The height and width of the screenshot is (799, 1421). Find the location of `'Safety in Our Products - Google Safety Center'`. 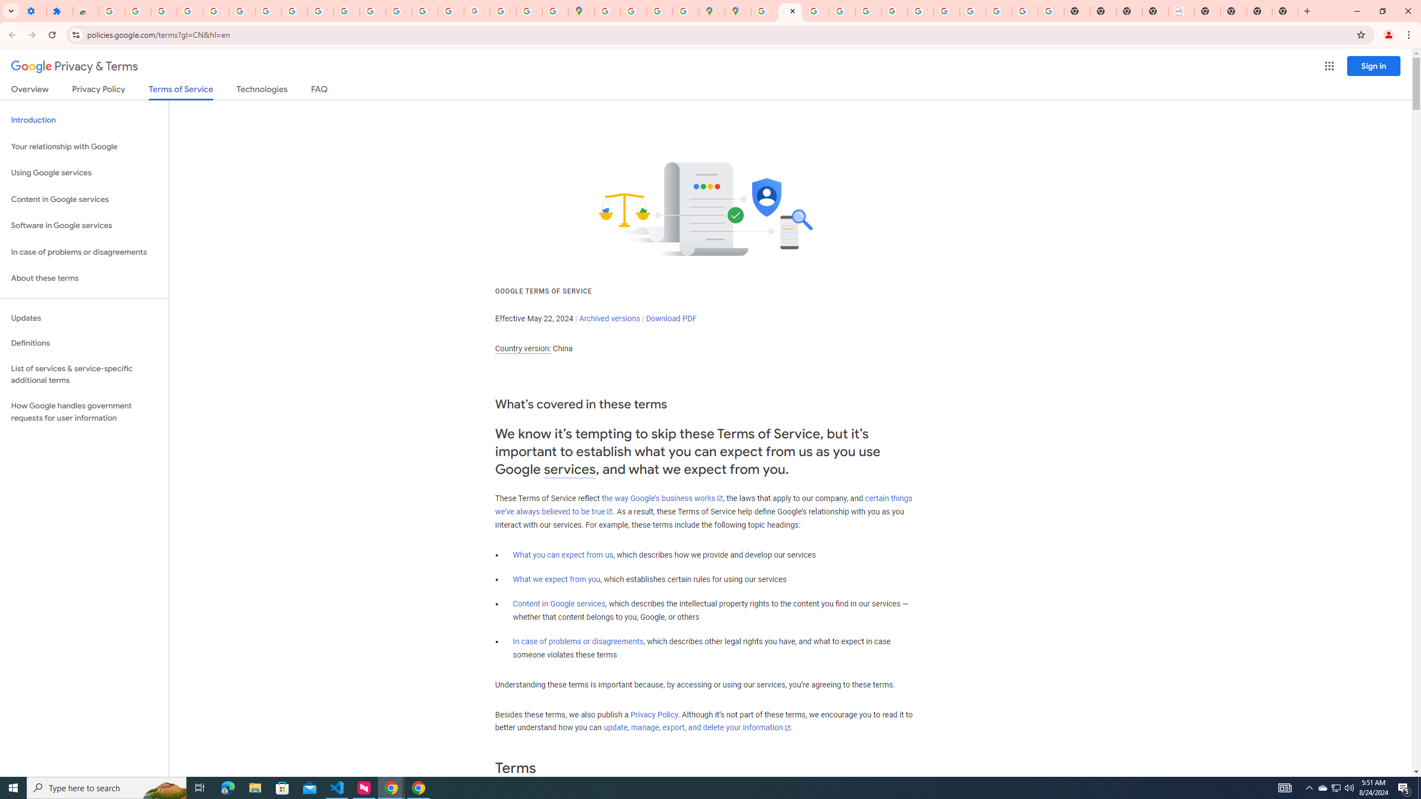

'Safety in Our Products - Google Safety Center' is located at coordinates (686, 11).